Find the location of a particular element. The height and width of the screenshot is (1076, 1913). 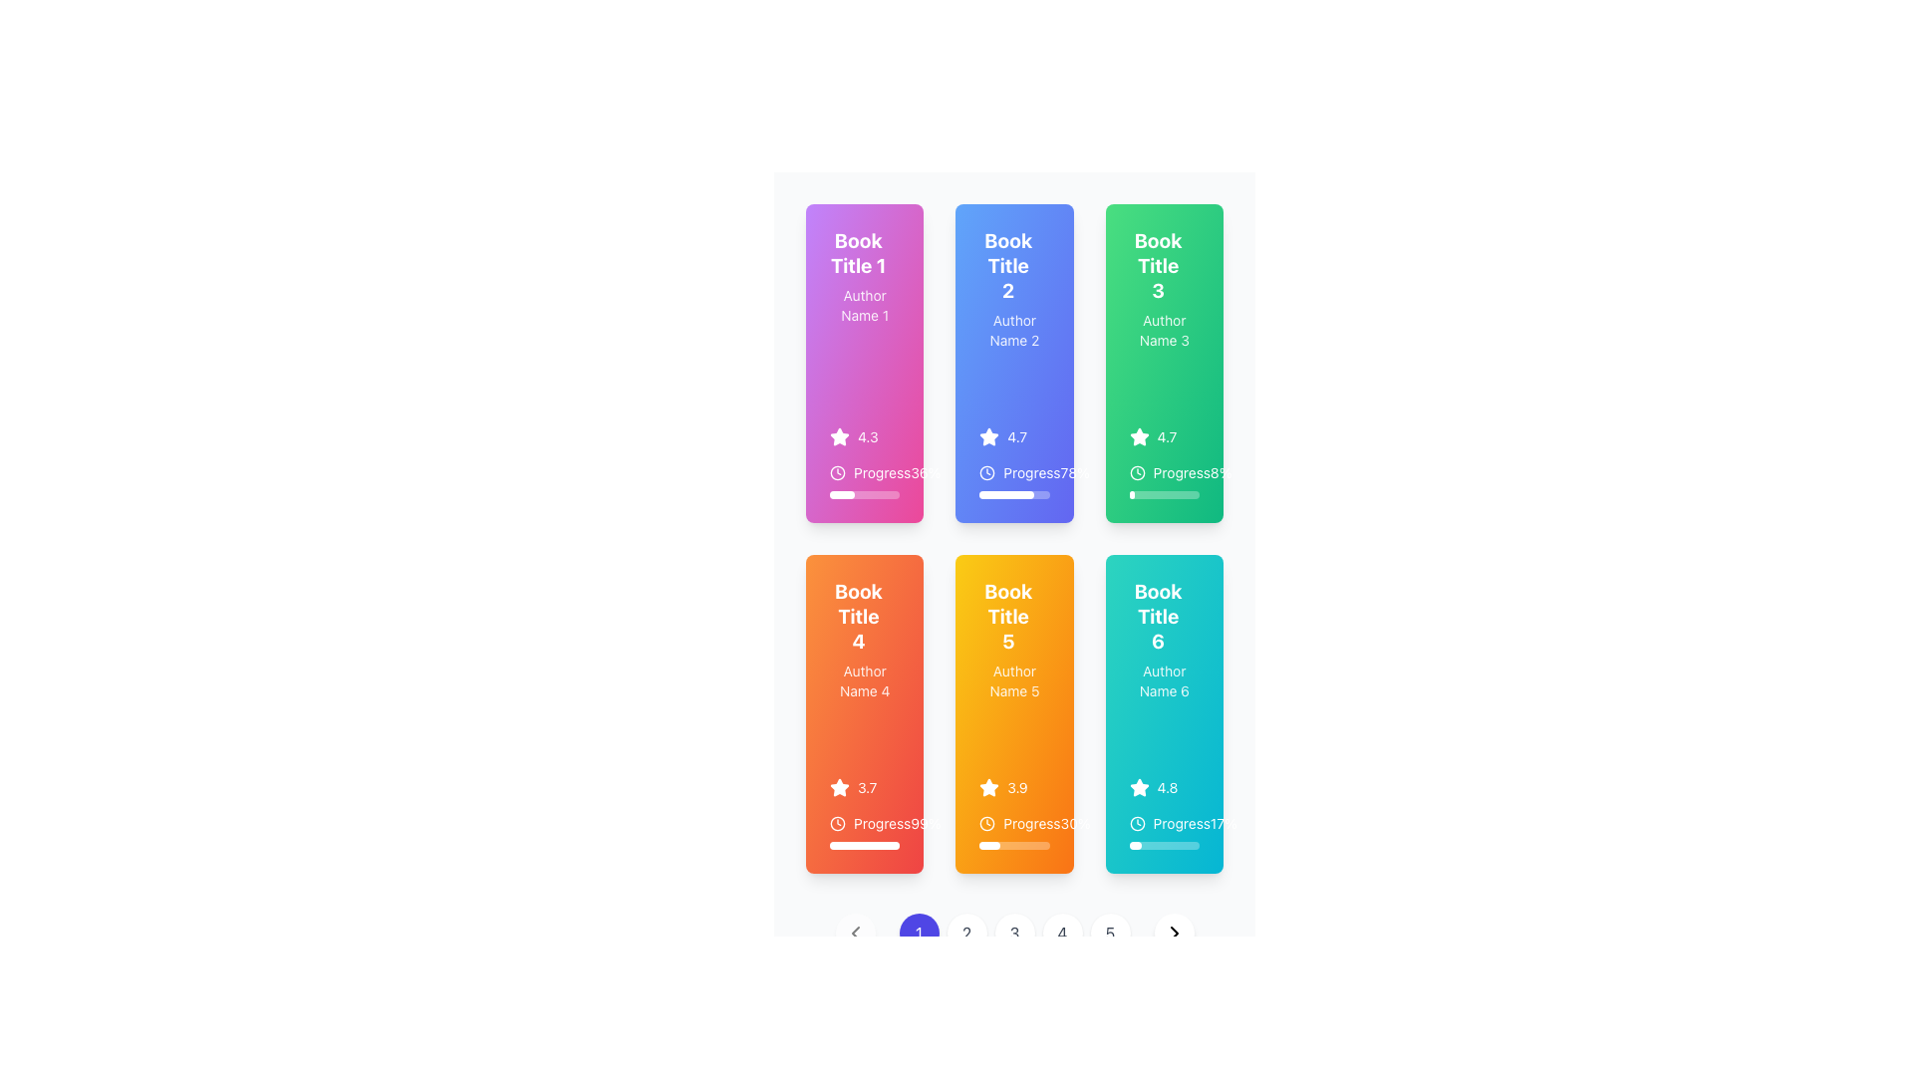

the progress status element displaying the book's progress within the cyan card labeled 'Book Title 6' is located at coordinates (1164, 814).